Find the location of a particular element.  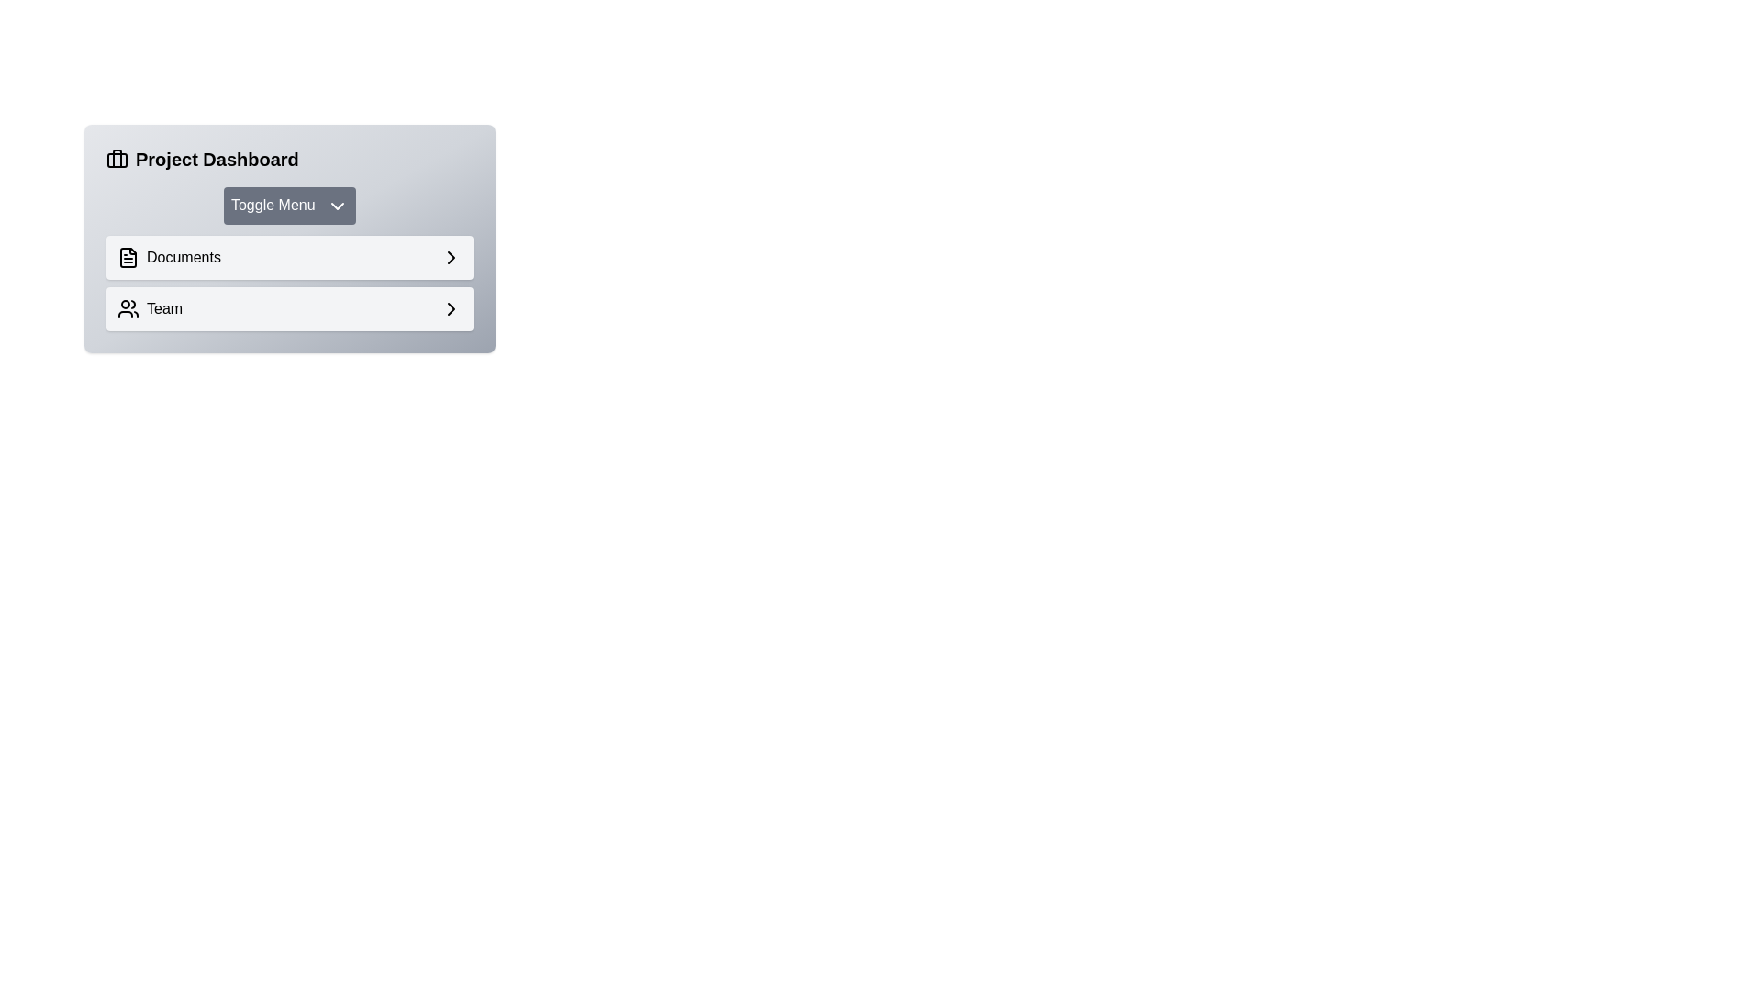

the 'Team' menu item, which is styled with a clear typeface and located below the 'Documents' item in the 'Project Dashboard' card is located at coordinates (150, 307).